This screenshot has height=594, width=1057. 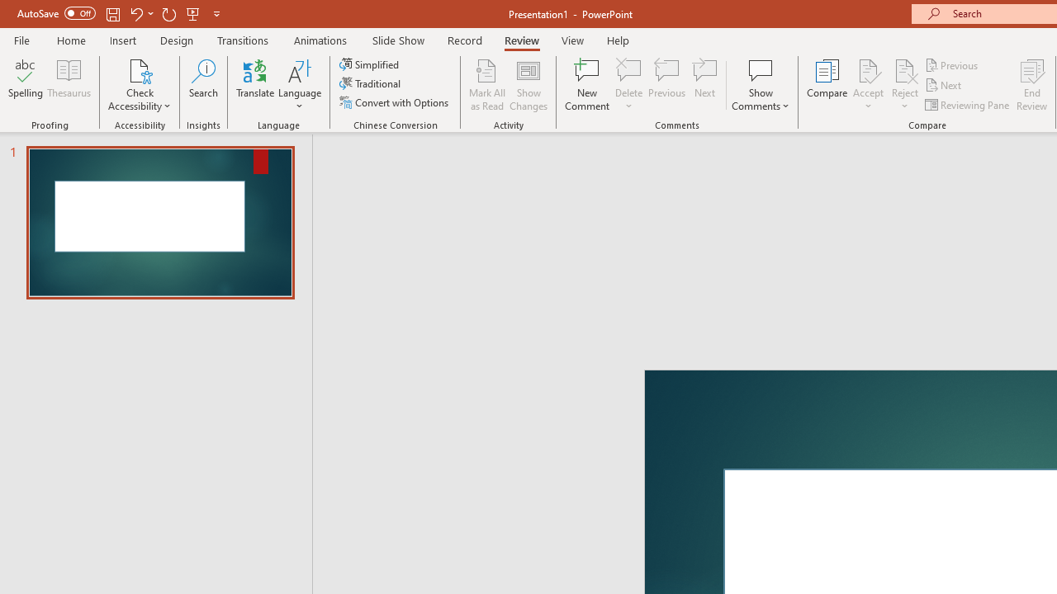 I want to click on 'Reject Change', so click(x=904, y=69).